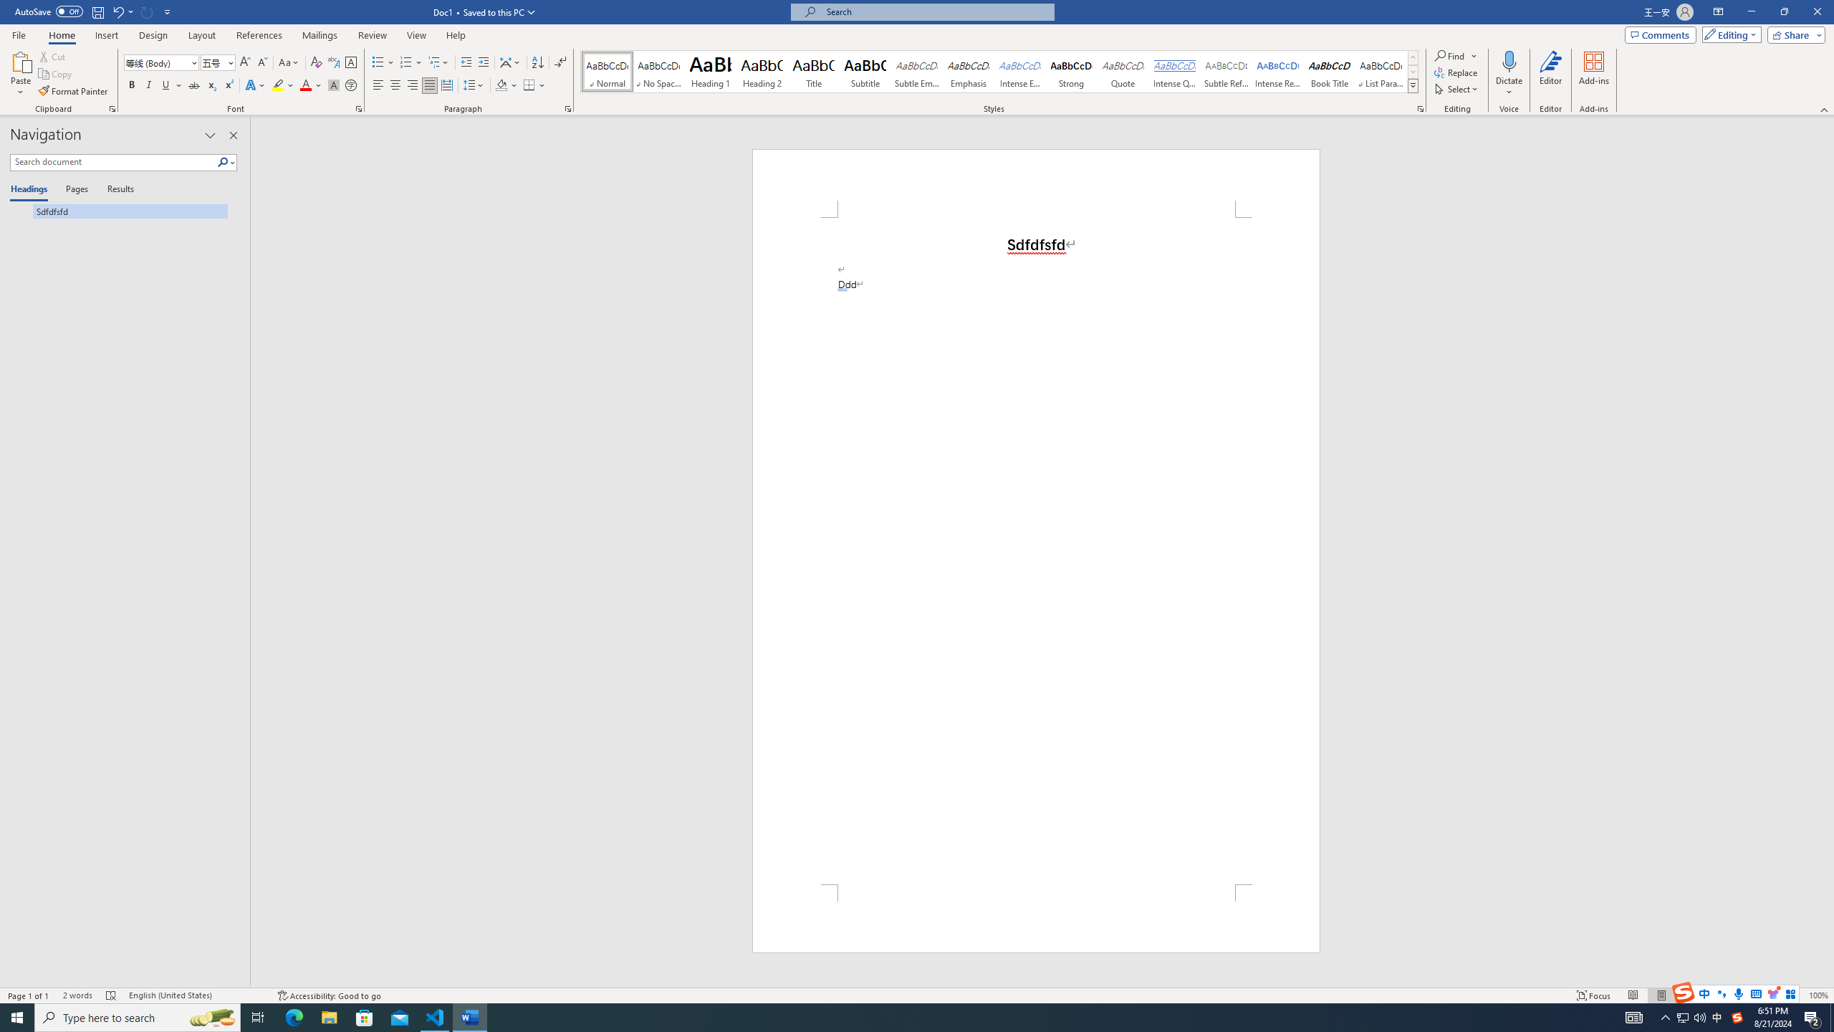 The height and width of the screenshot is (1032, 1834). What do you see at coordinates (165, 85) in the screenshot?
I see `'Underline'` at bounding box center [165, 85].